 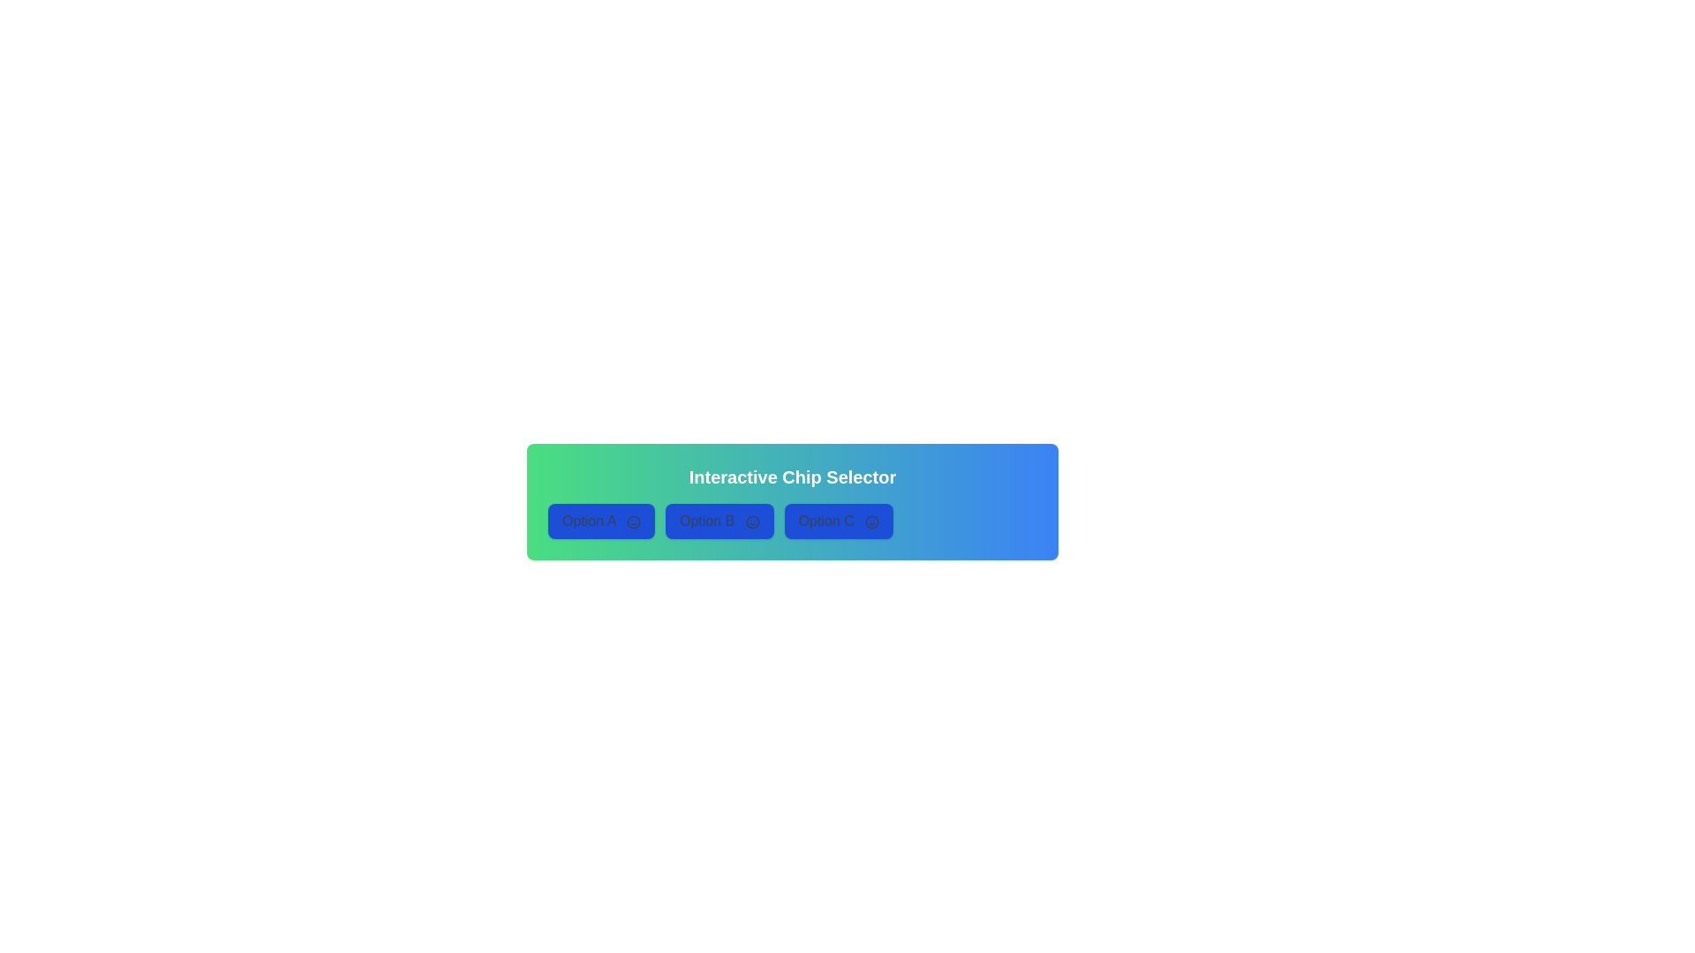 What do you see at coordinates (719, 520) in the screenshot?
I see `the option Option B by clicking on its respective button` at bounding box center [719, 520].